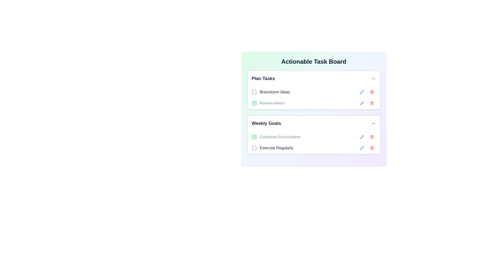 This screenshot has width=483, height=272. Describe the element at coordinates (254, 148) in the screenshot. I see `the checkbox at the beginning of the 'Exercise Regularly' item in the 'Weekly Goals' section` at that location.